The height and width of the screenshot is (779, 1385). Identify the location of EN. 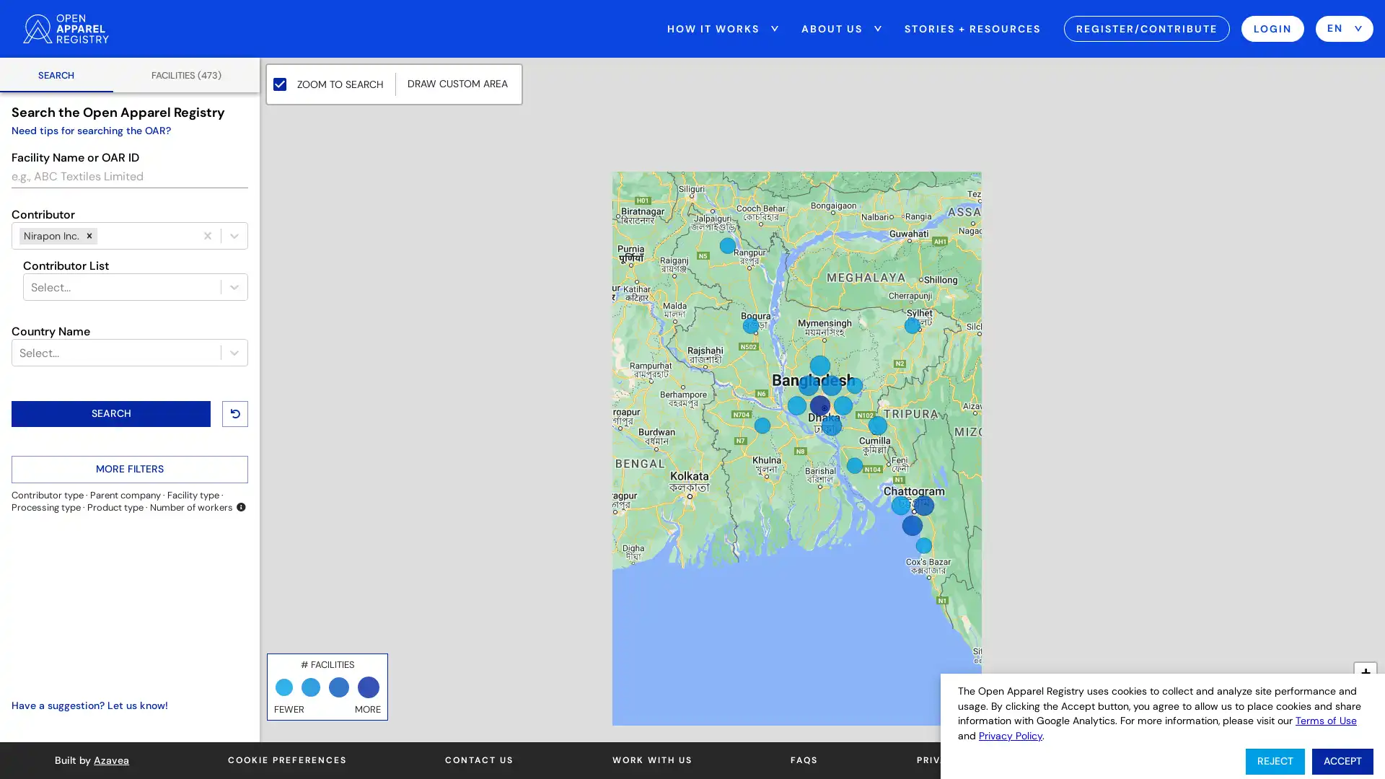
(1343, 28).